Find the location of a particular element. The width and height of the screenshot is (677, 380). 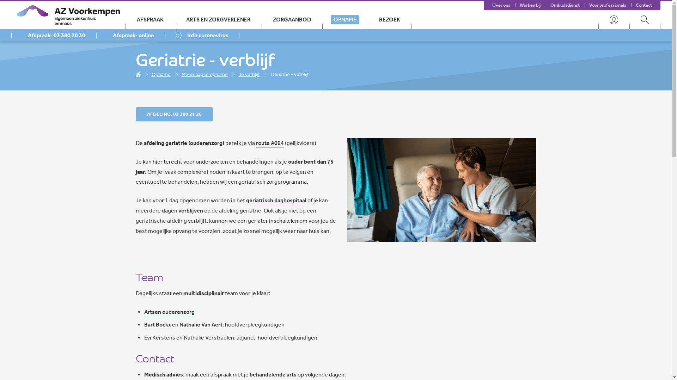

'geriatrisch daghospitaal' is located at coordinates (276, 201).